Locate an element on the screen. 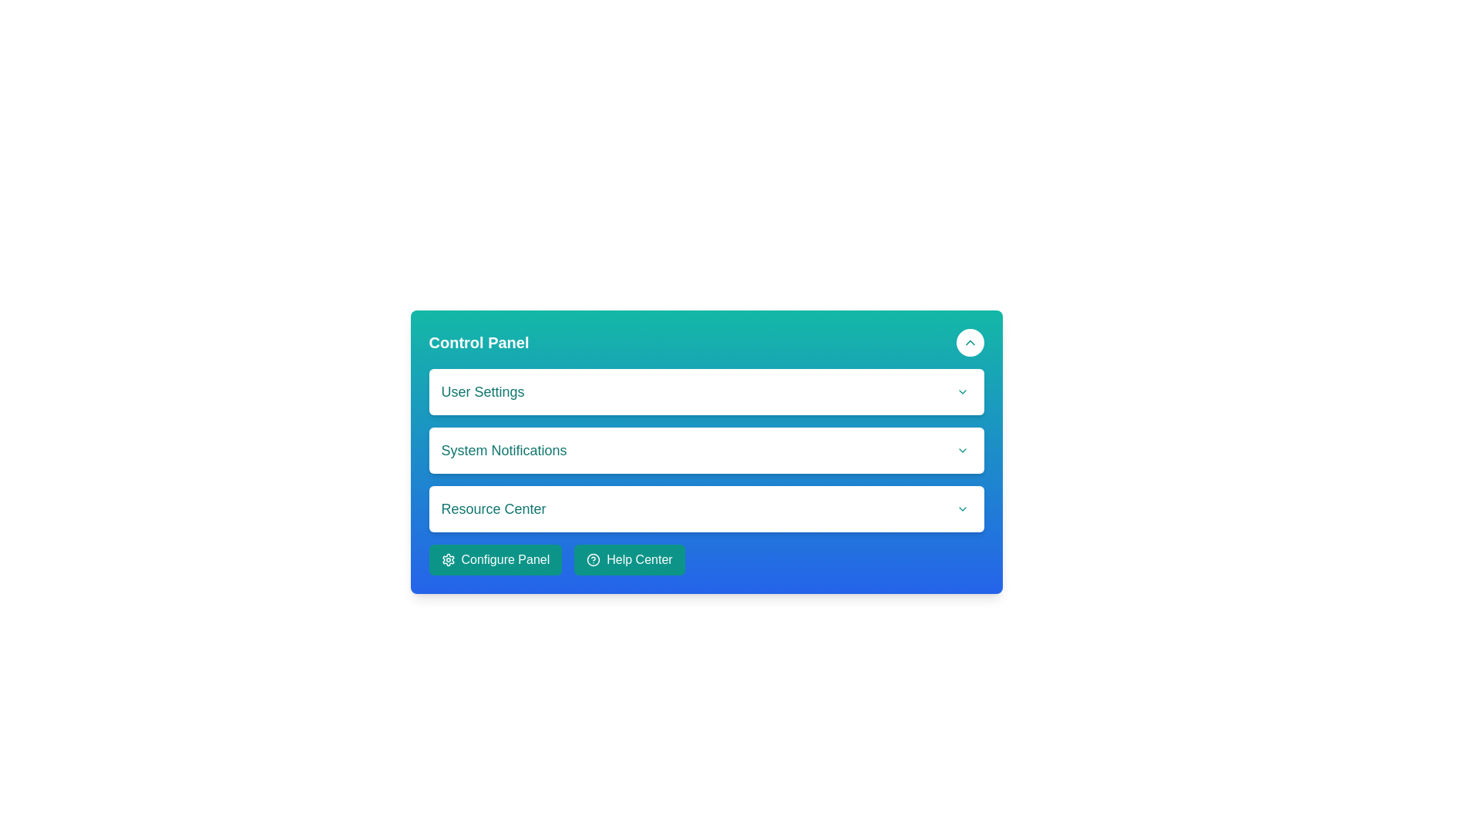 Image resolution: width=1480 pixels, height=832 pixels. the 'Configure Panel' button with white text on a teal background, featuring a gear icon on the left is located at coordinates (495, 559).